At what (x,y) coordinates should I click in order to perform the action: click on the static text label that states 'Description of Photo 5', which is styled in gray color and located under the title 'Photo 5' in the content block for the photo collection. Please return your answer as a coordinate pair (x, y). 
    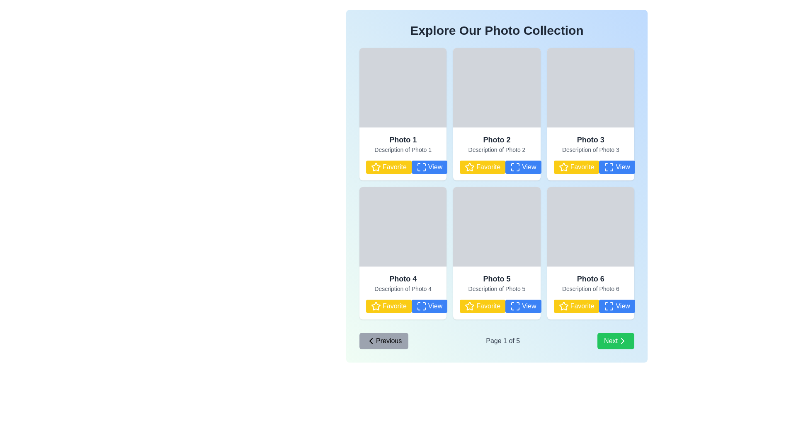
    Looking at the image, I should click on (497, 288).